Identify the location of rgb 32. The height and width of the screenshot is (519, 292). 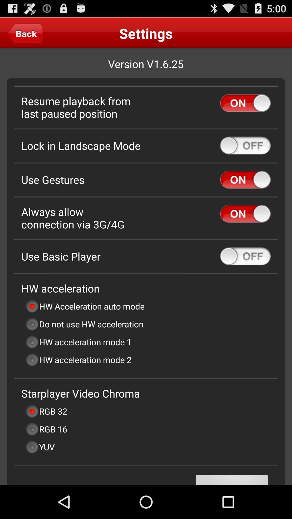
(46, 411).